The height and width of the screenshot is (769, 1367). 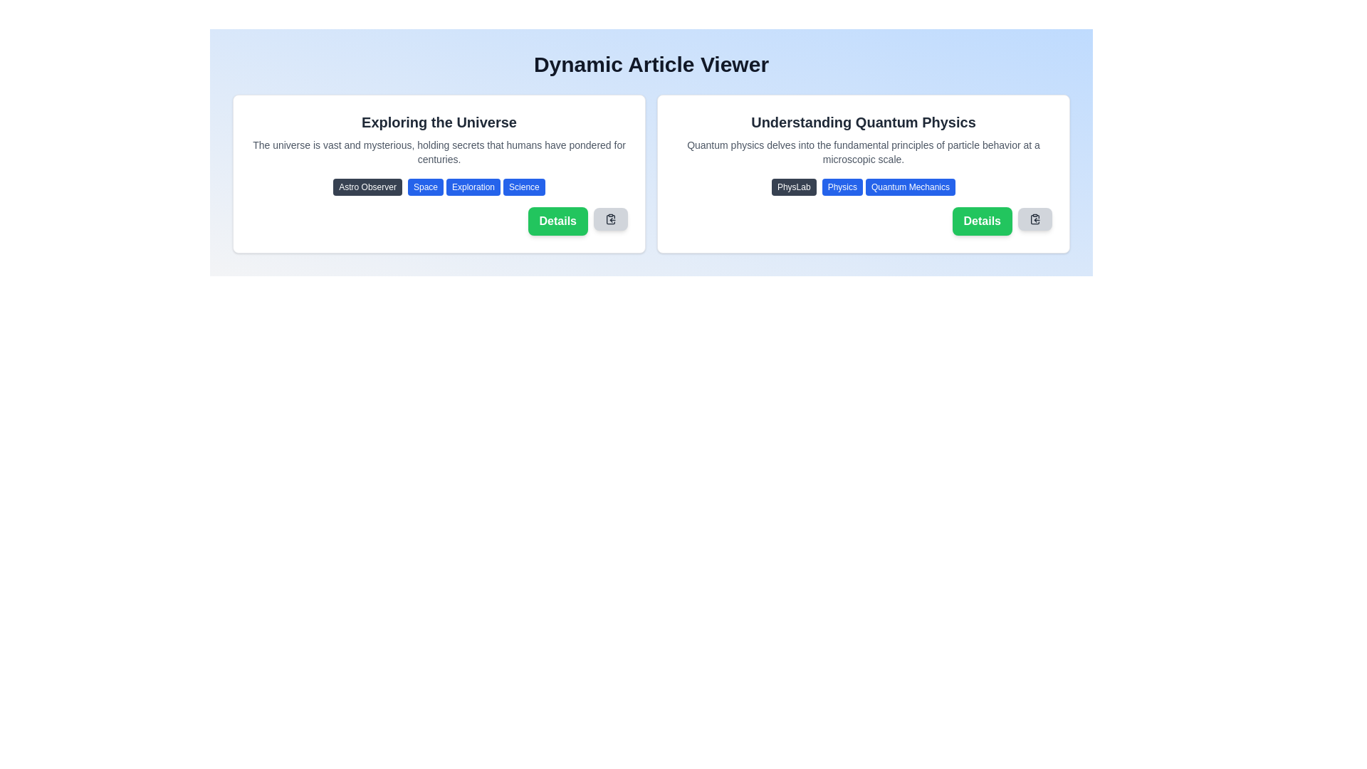 I want to click on the clipboard button located to the right of the 'Details' button, so click(x=1035, y=219).